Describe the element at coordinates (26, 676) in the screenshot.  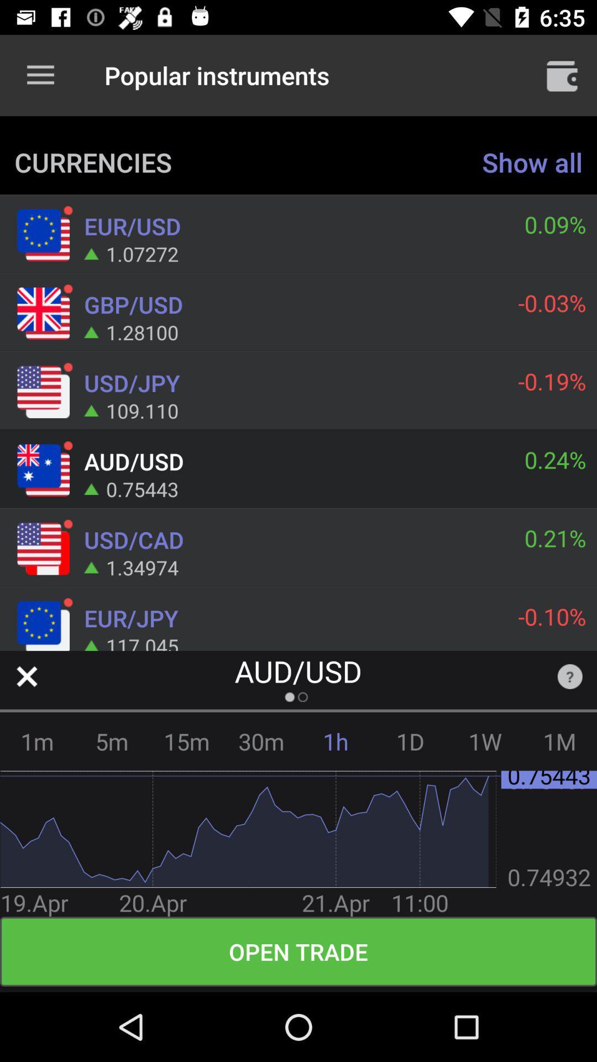
I see `close` at that location.